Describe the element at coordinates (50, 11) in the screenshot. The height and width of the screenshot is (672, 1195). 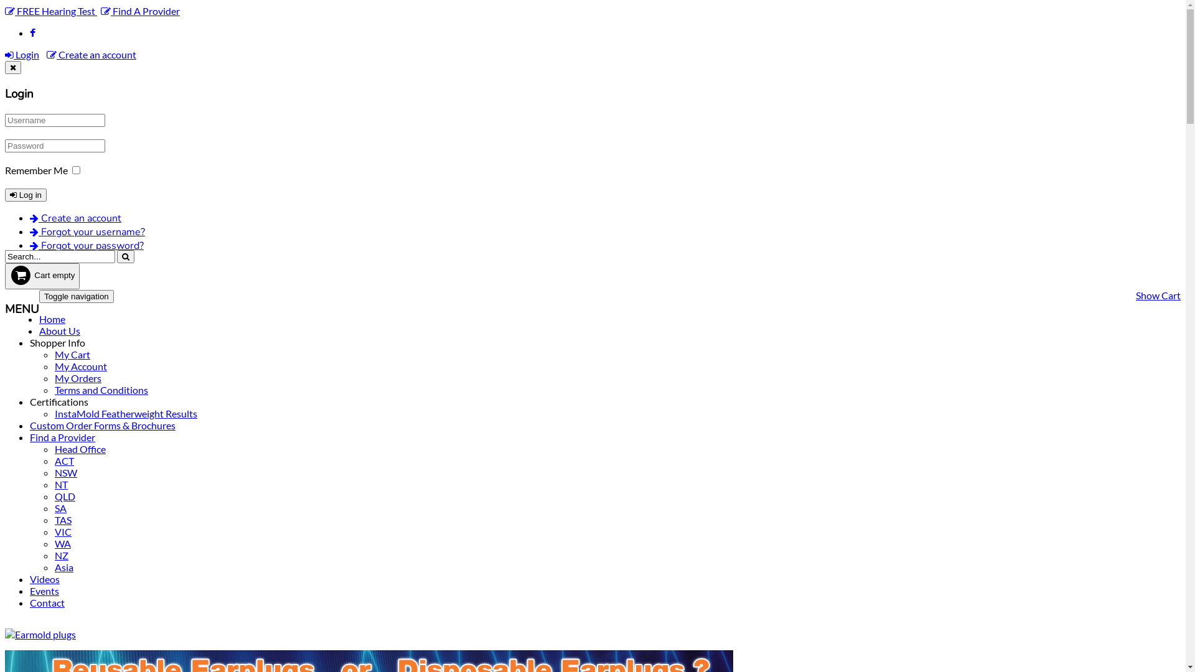
I see `'FREE Hearing Test'` at that location.